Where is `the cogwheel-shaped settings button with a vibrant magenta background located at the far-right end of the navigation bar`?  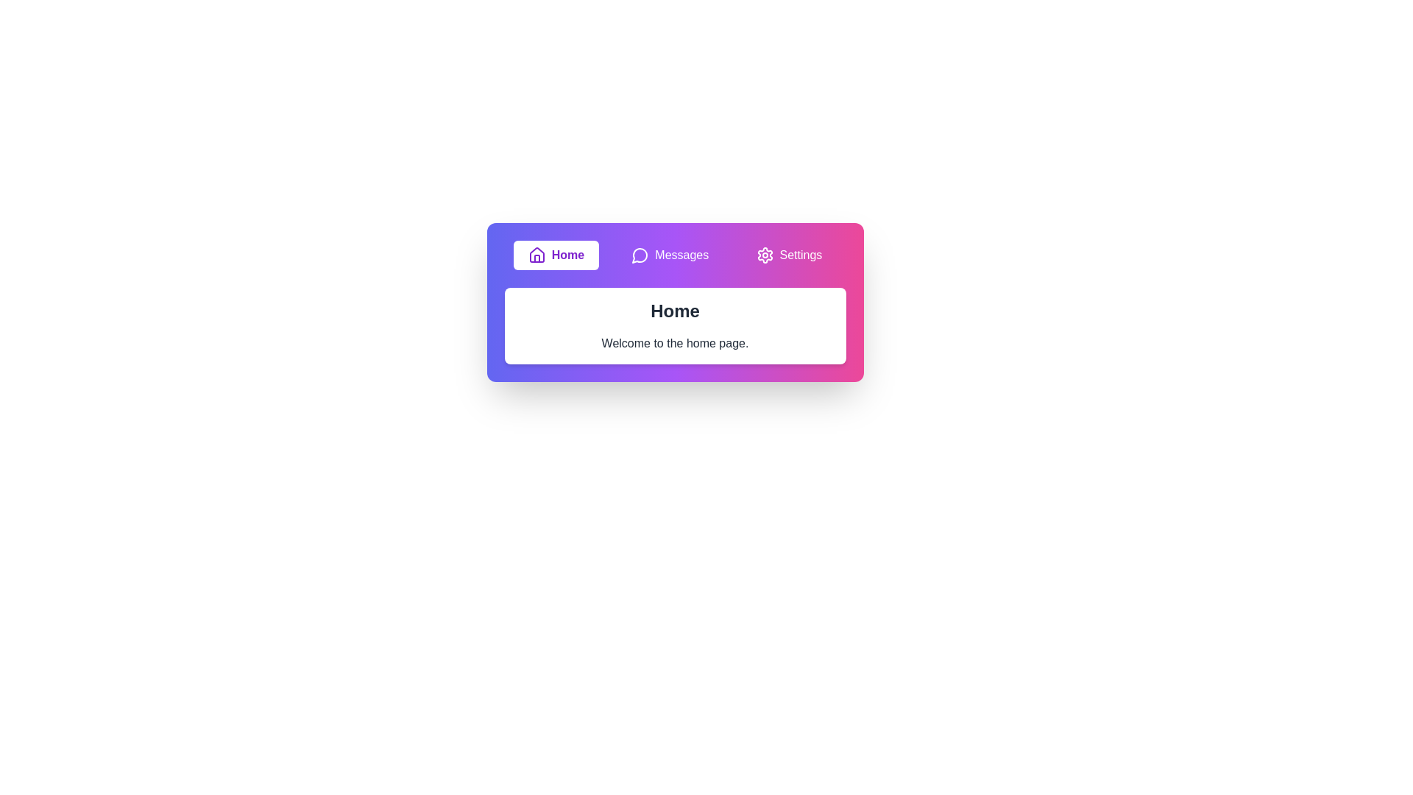 the cogwheel-shaped settings button with a vibrant magenta background located at the far-right end of the navigation bar is located at coordinates (765, 255).